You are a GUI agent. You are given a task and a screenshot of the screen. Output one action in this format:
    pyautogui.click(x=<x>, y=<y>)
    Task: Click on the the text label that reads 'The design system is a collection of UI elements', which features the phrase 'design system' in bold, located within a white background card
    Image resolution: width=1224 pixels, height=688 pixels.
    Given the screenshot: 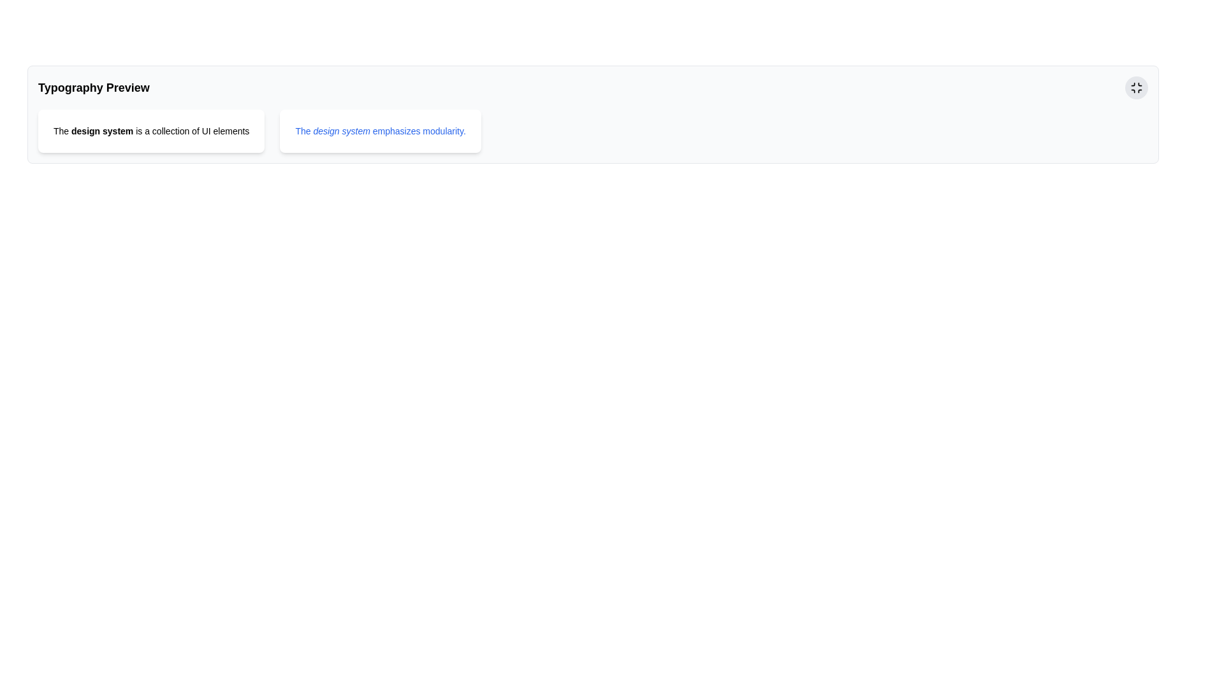 What is the action you would take?
    pyautogui.click(x=151, y=131)
    